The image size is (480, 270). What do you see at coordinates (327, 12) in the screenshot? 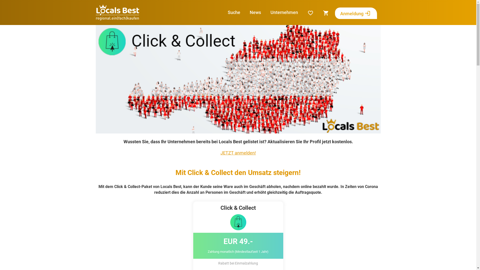
I see `'shopping_cart'` at bounding box center [327, 12].